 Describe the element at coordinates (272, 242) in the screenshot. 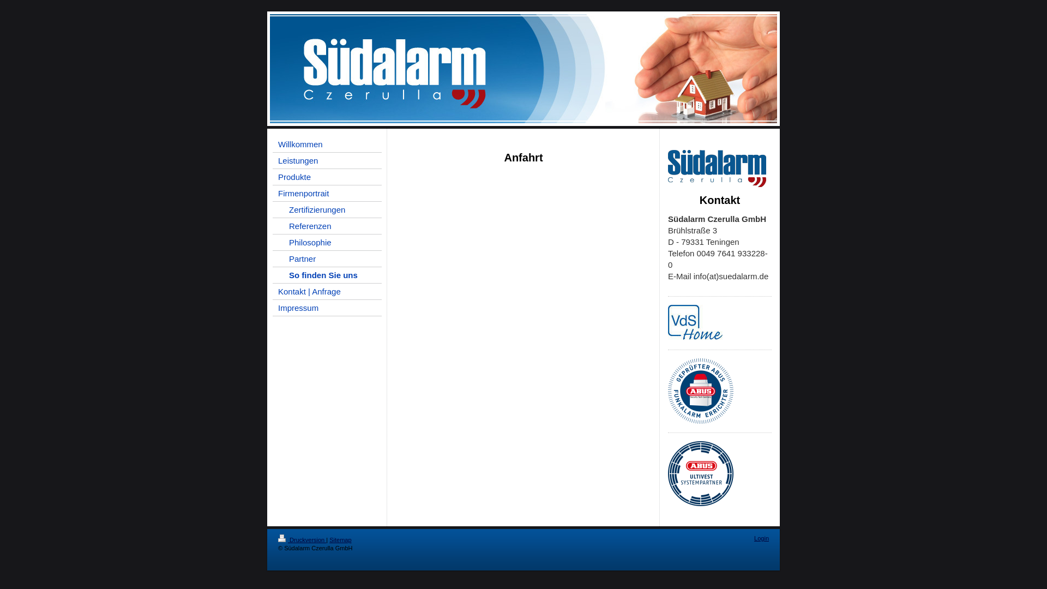

I see `'Philosophie'` at that location.